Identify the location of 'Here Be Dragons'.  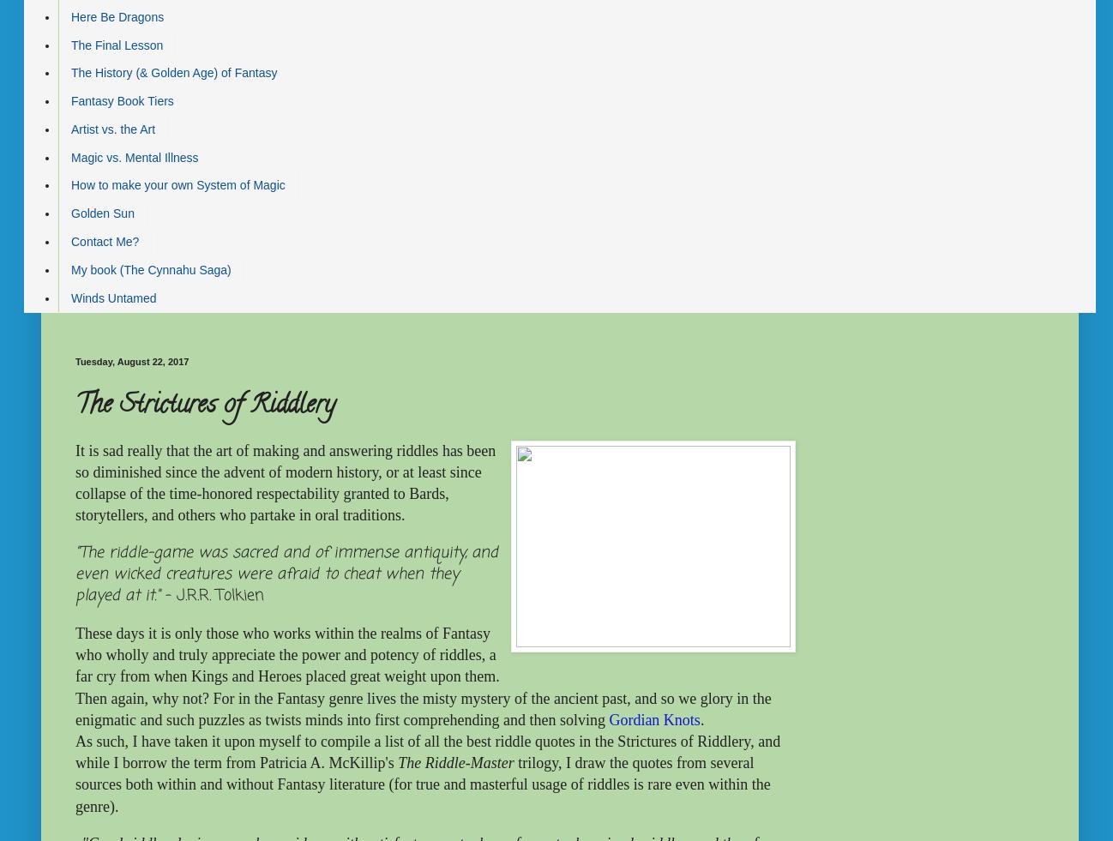
(116, 15).